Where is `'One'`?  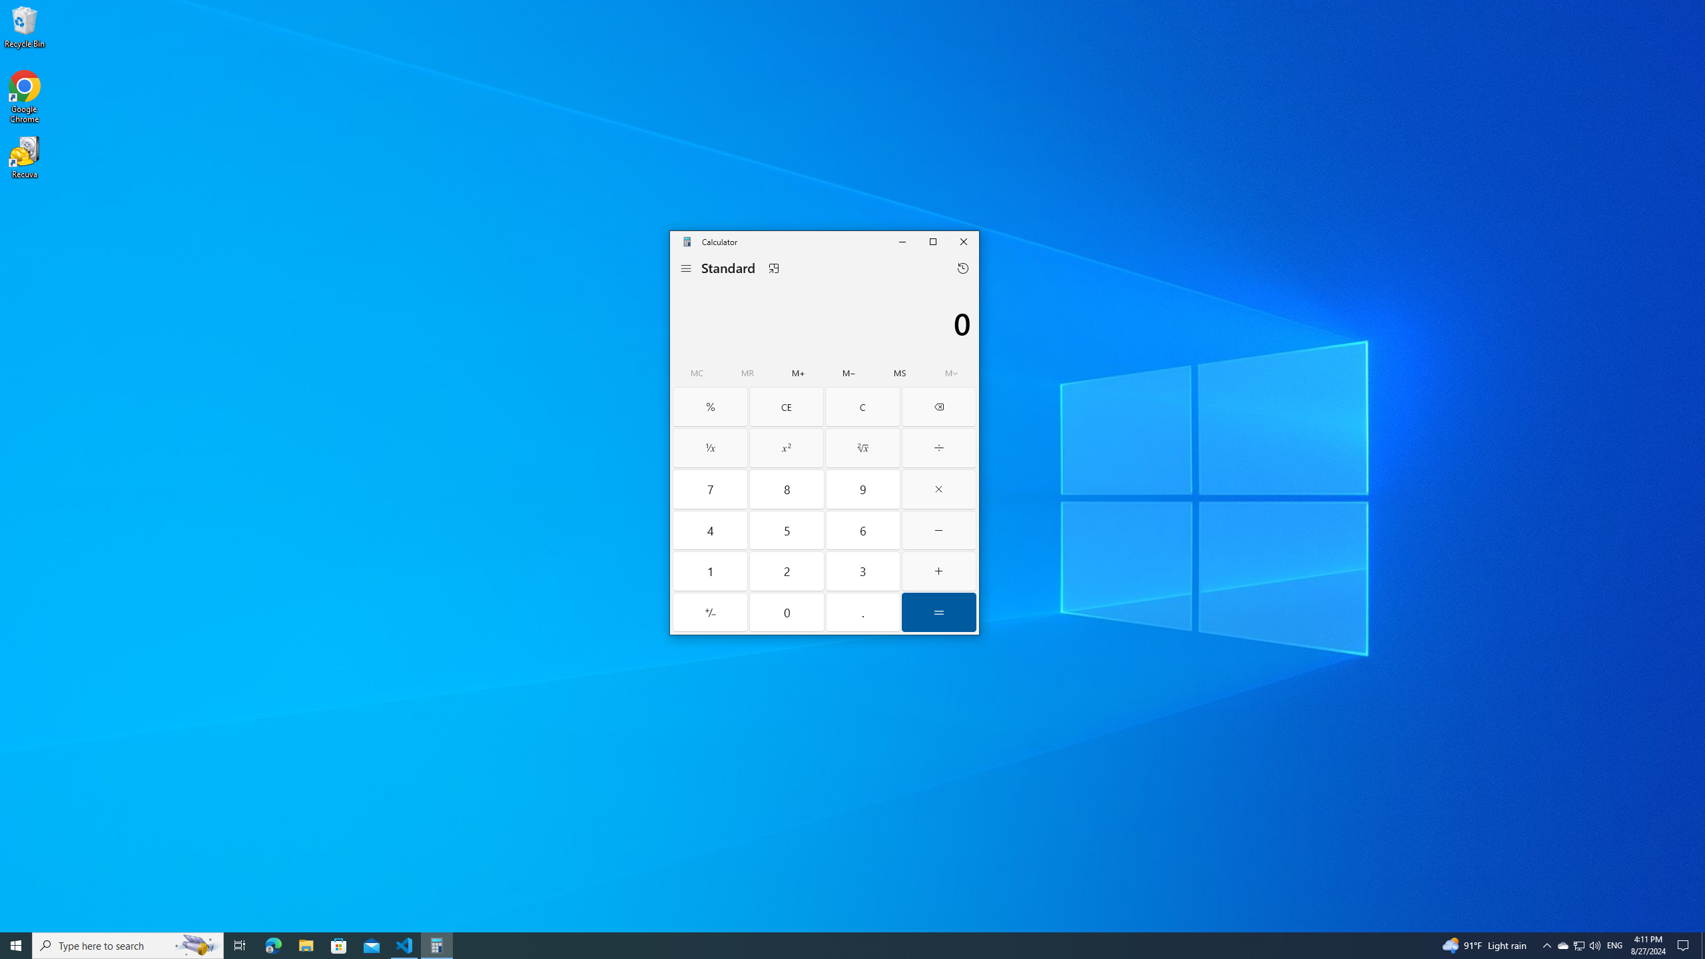
'One' is located at coordinates (711, 571).